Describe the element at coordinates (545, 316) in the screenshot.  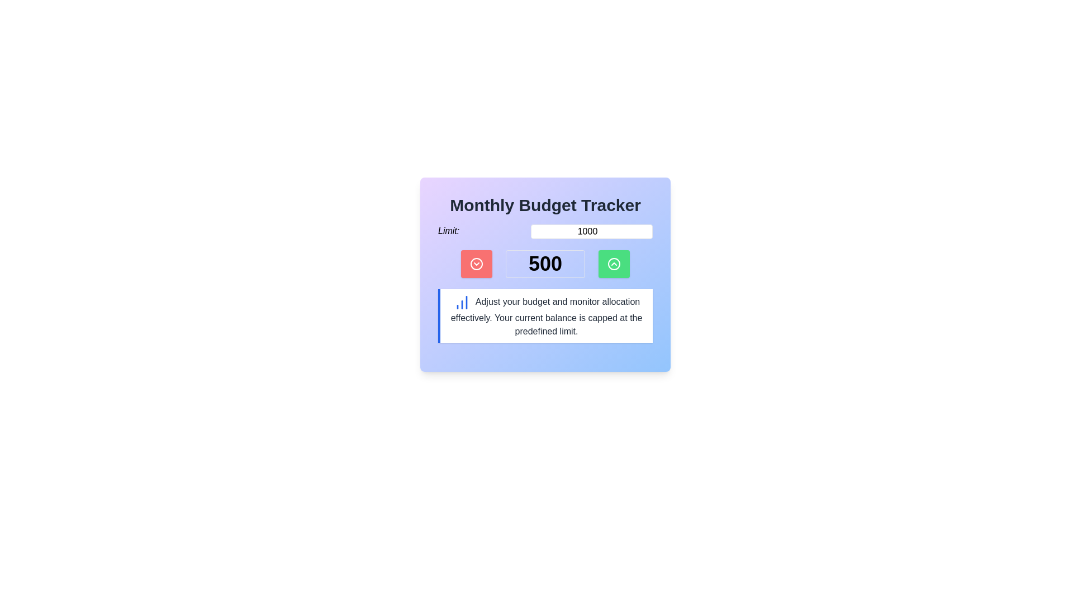
I see `the Informational text block with a blue bar chart icon that provides guidance on adjusting the budget and monitoring allocation, located in the 'Monthly Budget Tracker' section` at that location.